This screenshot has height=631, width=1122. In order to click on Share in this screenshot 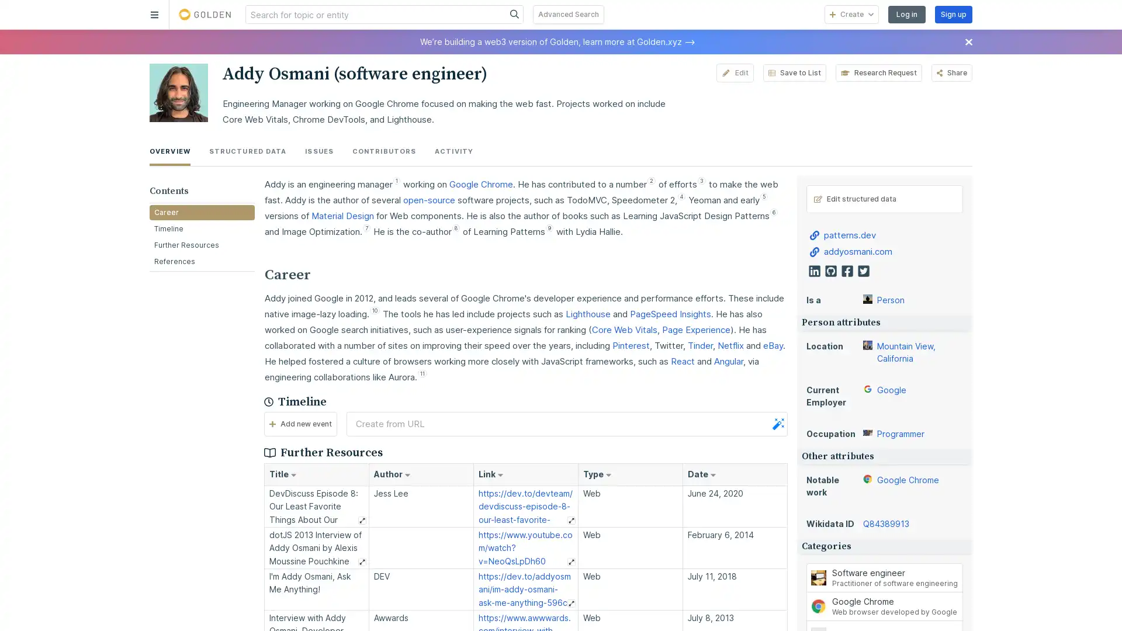, I will do `click(951, 72)`.